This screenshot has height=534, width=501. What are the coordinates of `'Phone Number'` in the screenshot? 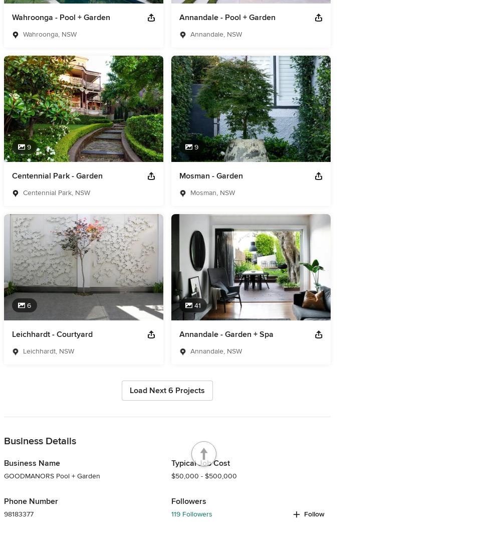 It's located at (31, 501).